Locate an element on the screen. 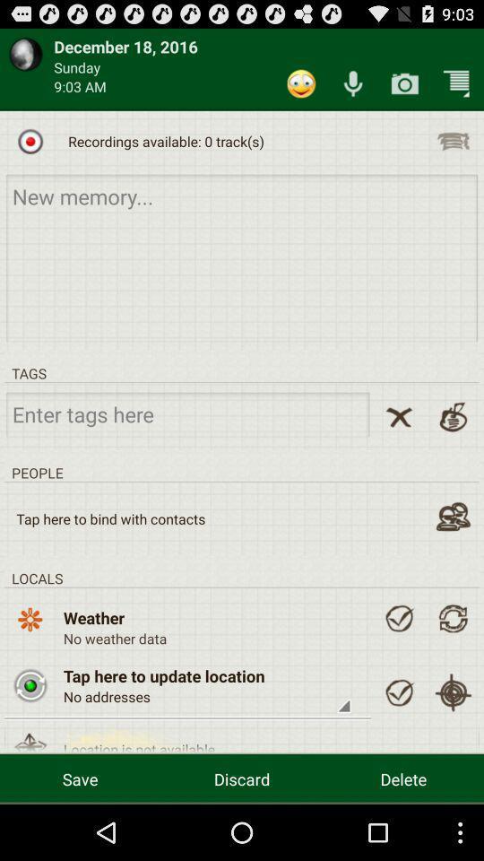  the check icon is located at coordinates (399, 661).